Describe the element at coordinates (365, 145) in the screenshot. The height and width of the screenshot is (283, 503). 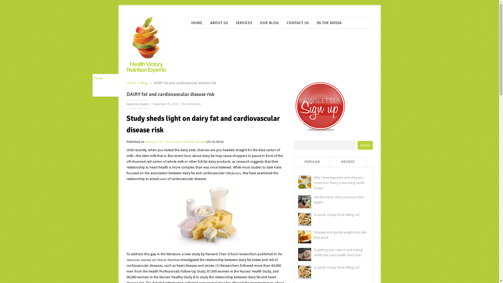
I see `'Search'` at that location.